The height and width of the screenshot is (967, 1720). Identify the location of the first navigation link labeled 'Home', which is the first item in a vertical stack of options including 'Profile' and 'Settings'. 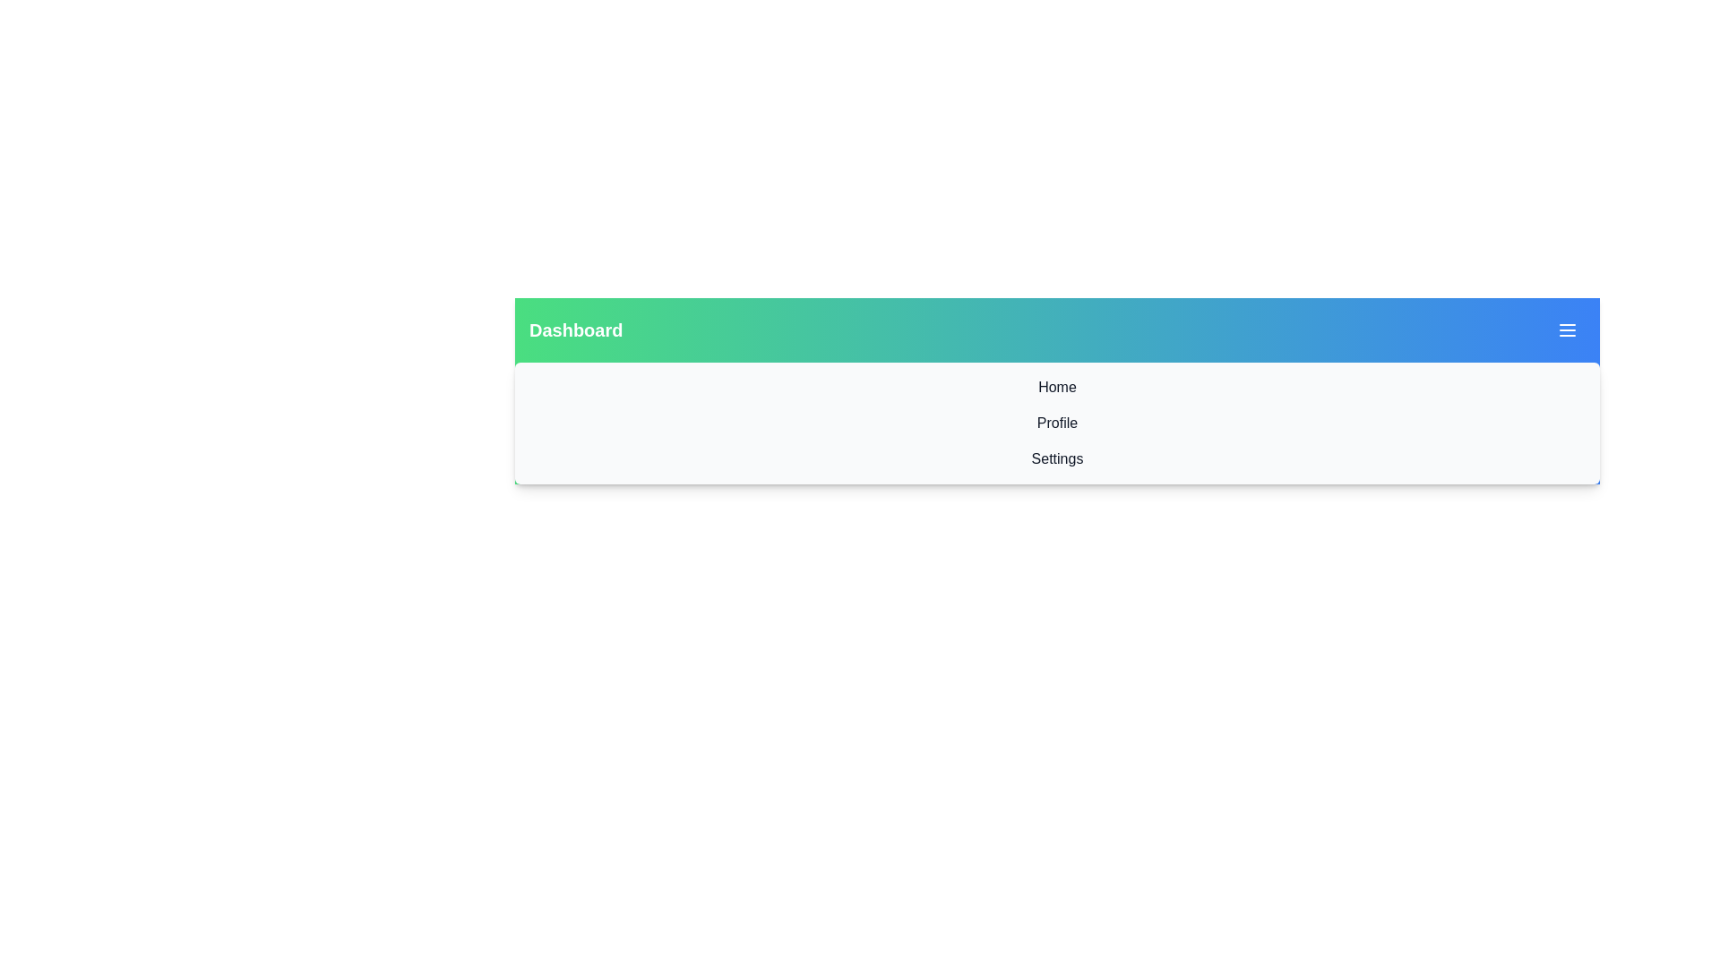
(1057, 386).